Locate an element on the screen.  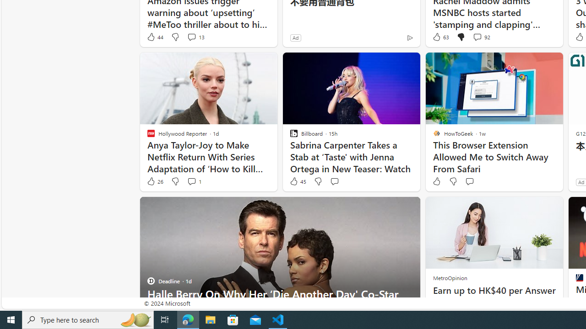
'45 Like' is located at coordinates (298, 181).